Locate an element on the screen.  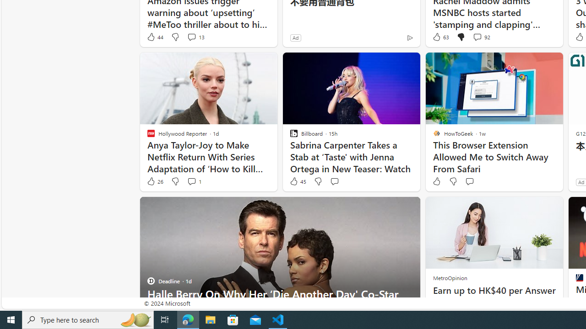
'45 Like' is located at coordinates (298, 181).